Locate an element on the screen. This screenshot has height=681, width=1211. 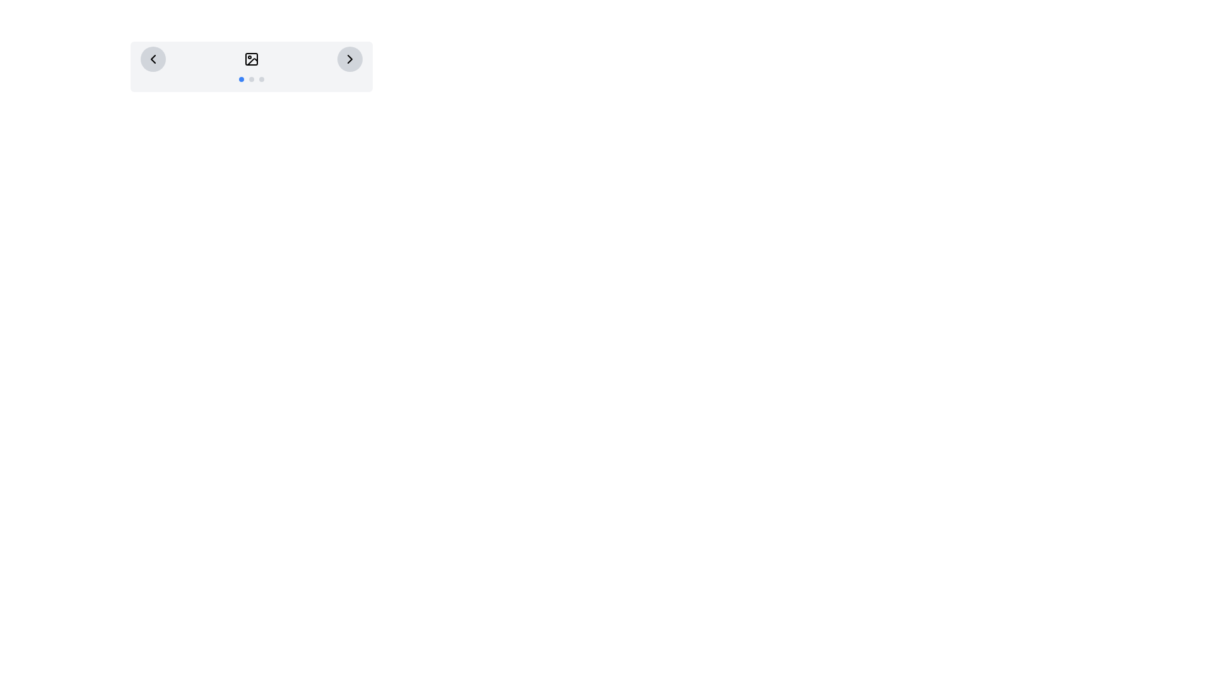
the rightward-pointing chevron icon within the circular button is located at coordinates (349, 59).